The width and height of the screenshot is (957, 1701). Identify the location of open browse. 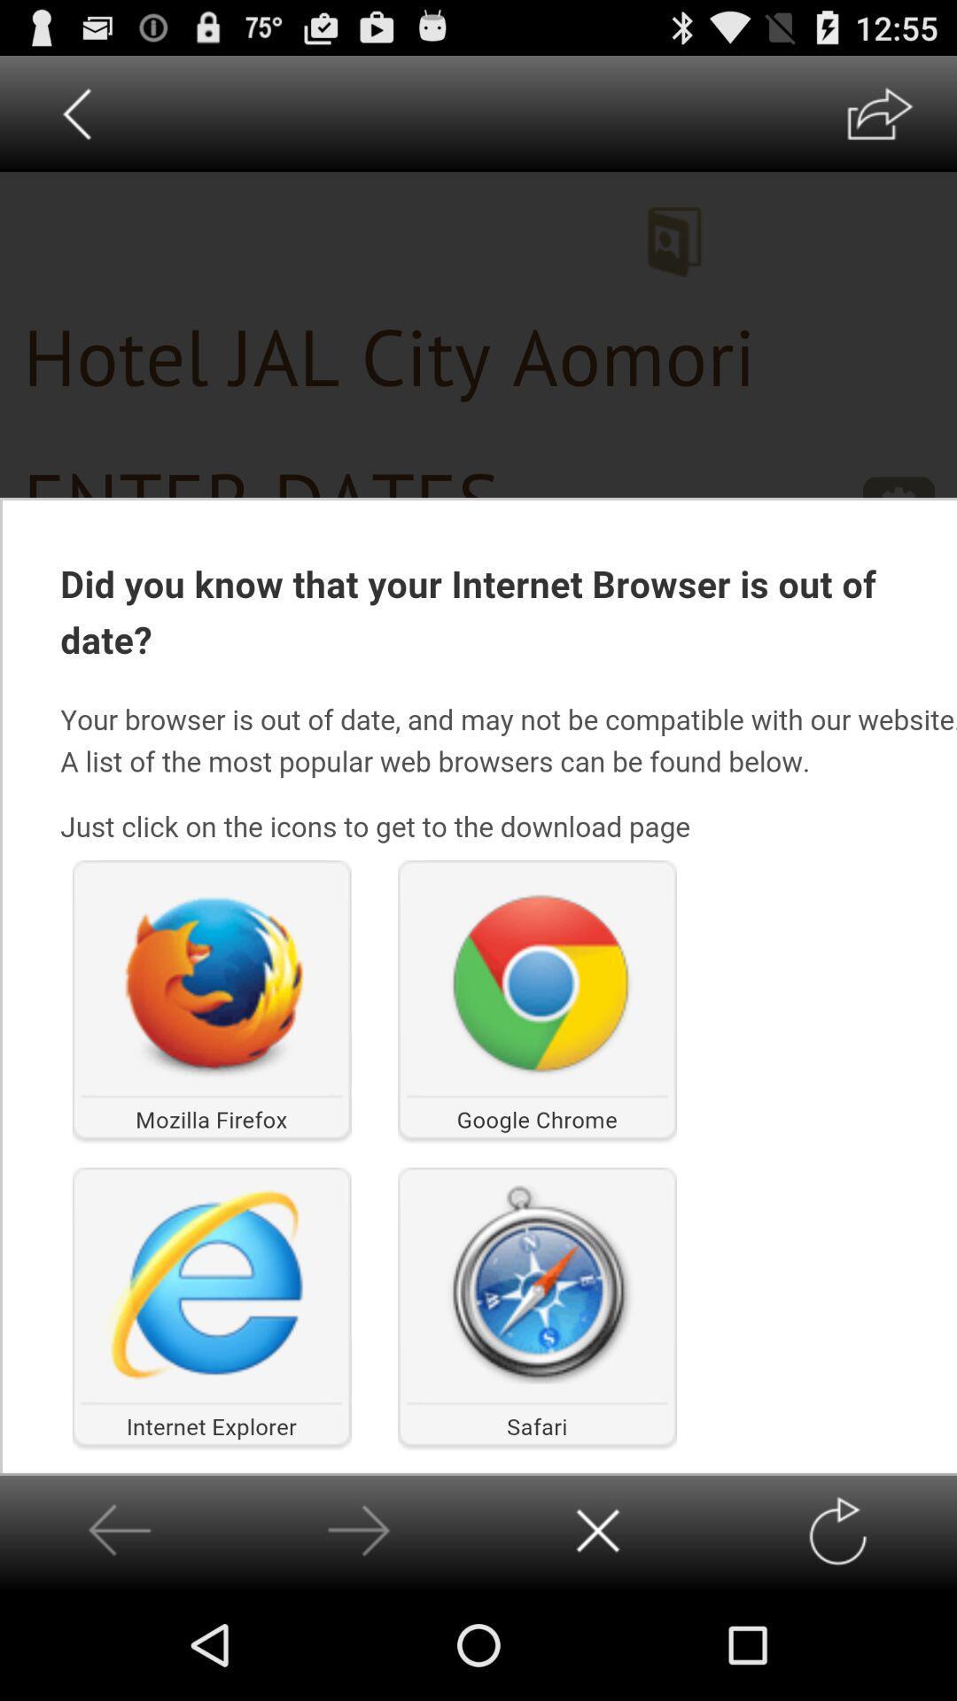
(879, 113).